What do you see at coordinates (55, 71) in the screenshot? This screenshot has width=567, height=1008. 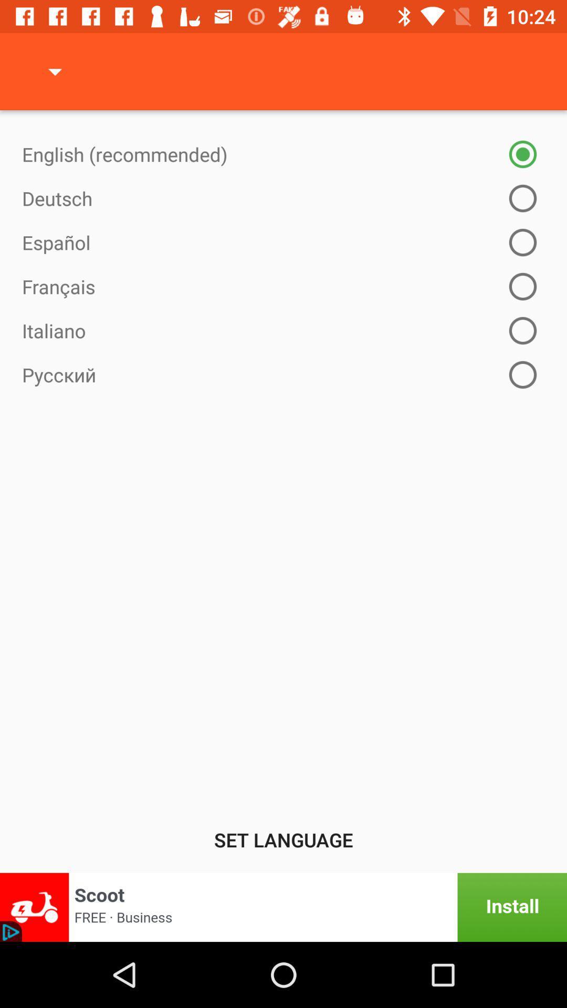 I see `item above english (recommended) item` at bounding box center [55, 71].